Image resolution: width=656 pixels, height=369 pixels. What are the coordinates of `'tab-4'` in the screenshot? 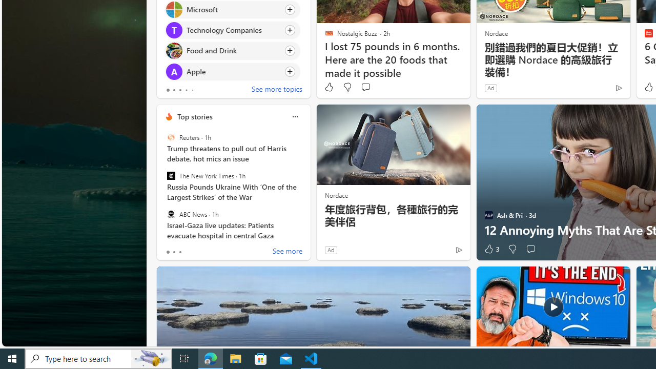 It's located at (192, 90).